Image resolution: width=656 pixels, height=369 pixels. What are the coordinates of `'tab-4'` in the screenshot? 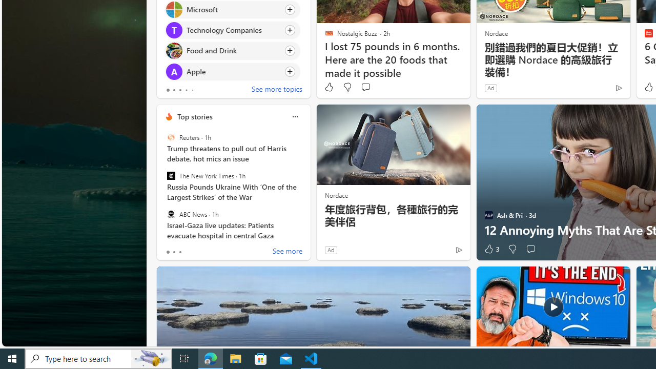 It's located at (192, 90).